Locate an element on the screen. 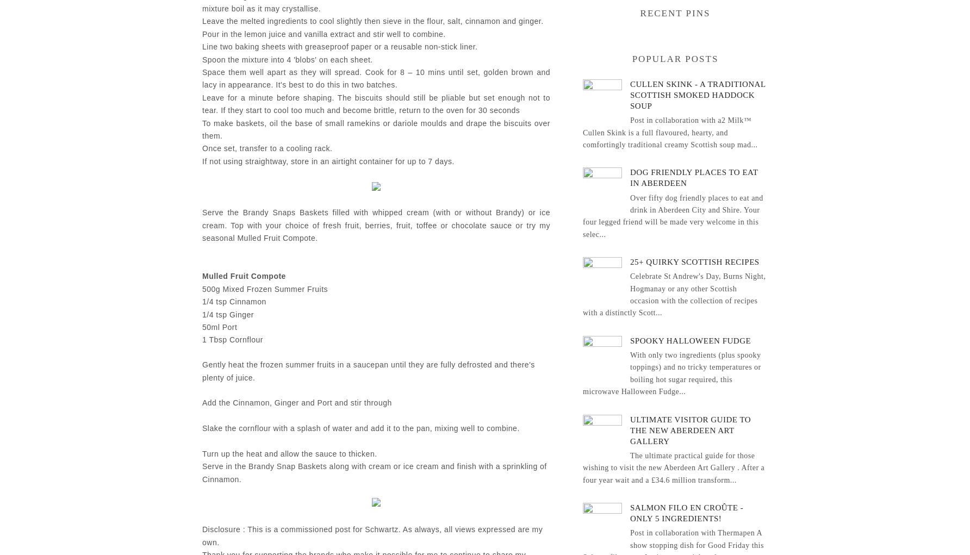 The image size is (970, 555). '25+ Quirky Scottish Recipes' is located at coordinates (694, 261).